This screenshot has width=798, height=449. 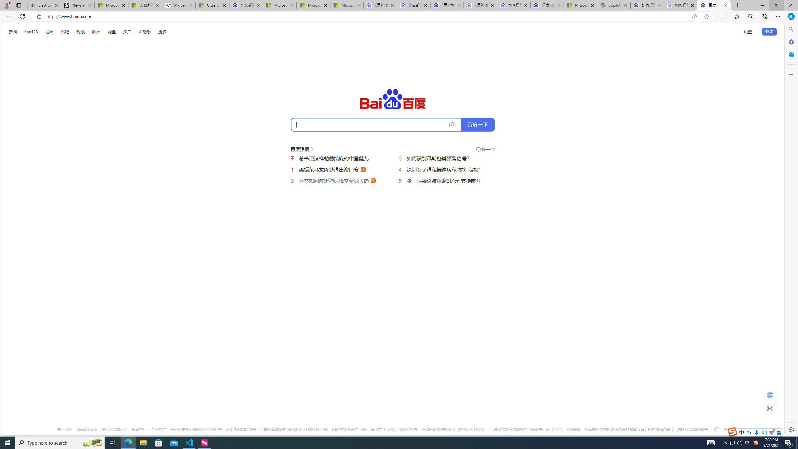 I want to click on 'Newsletter Sign Up', so click(x=77, y=5).